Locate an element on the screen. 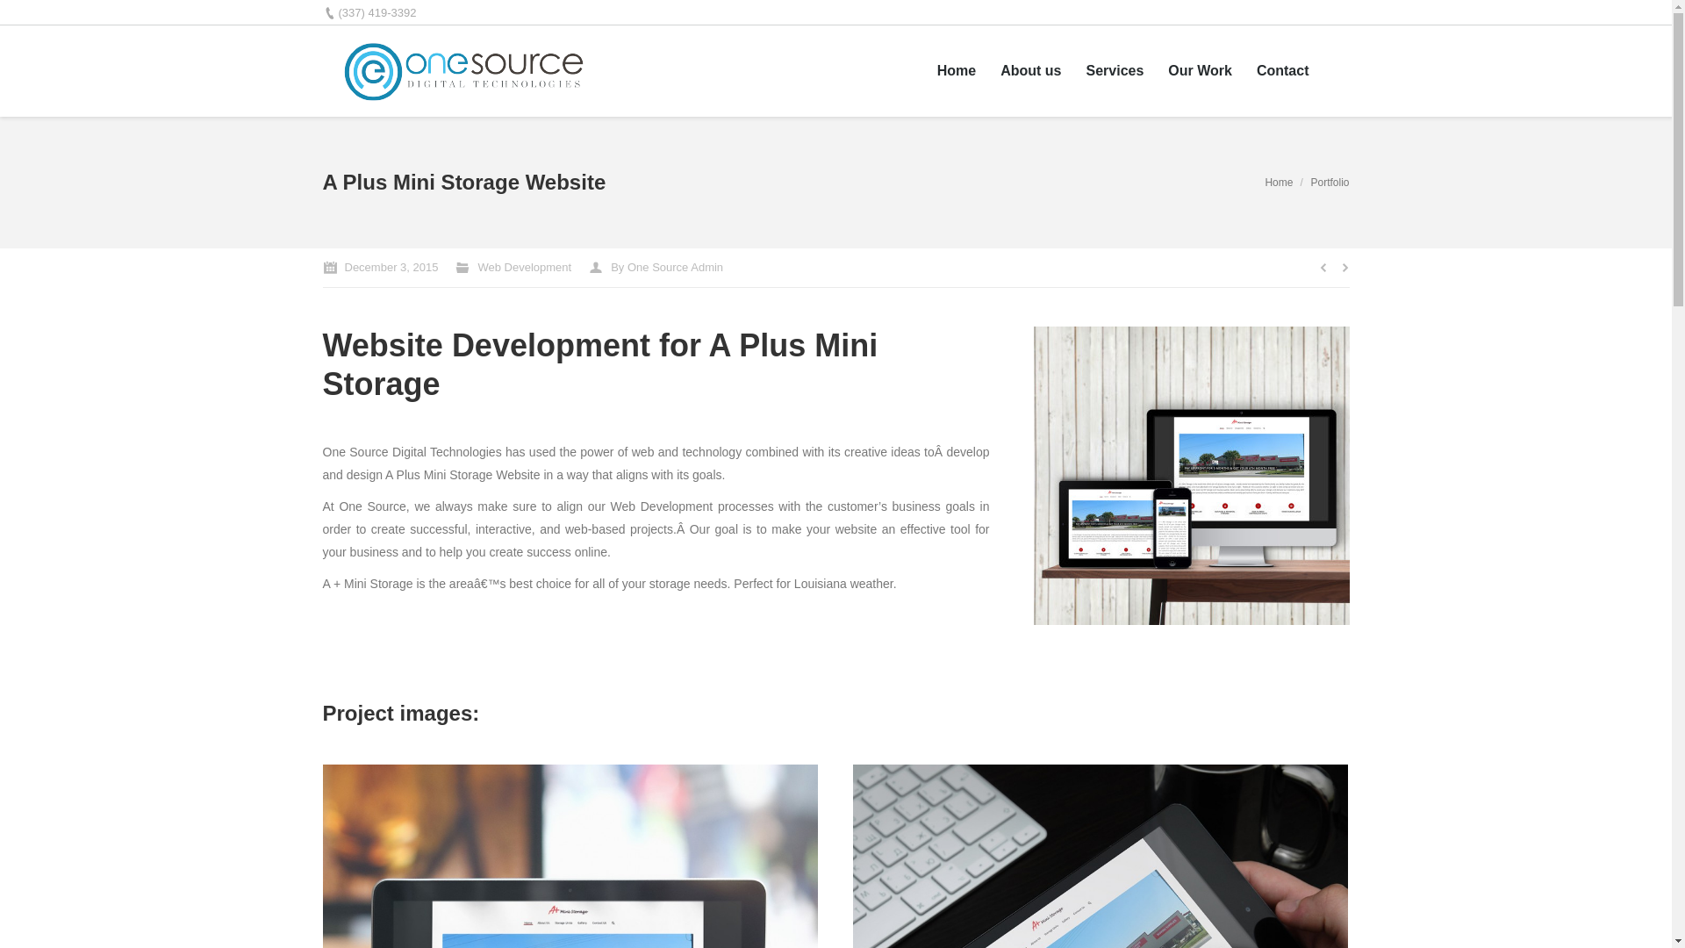  'Go!' is located at coordinates (22, 17).